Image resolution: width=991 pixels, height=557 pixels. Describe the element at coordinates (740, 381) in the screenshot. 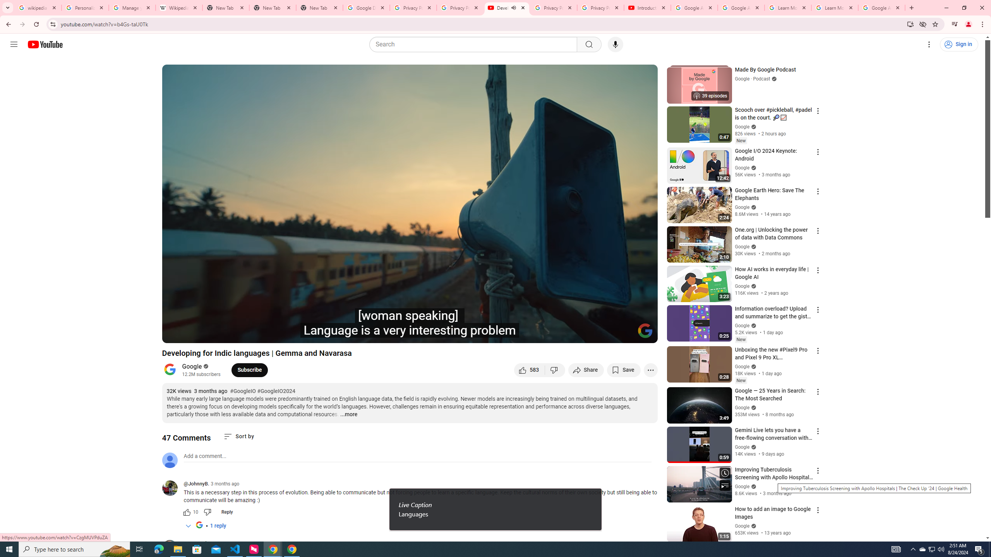

I see `'New'` at that location.